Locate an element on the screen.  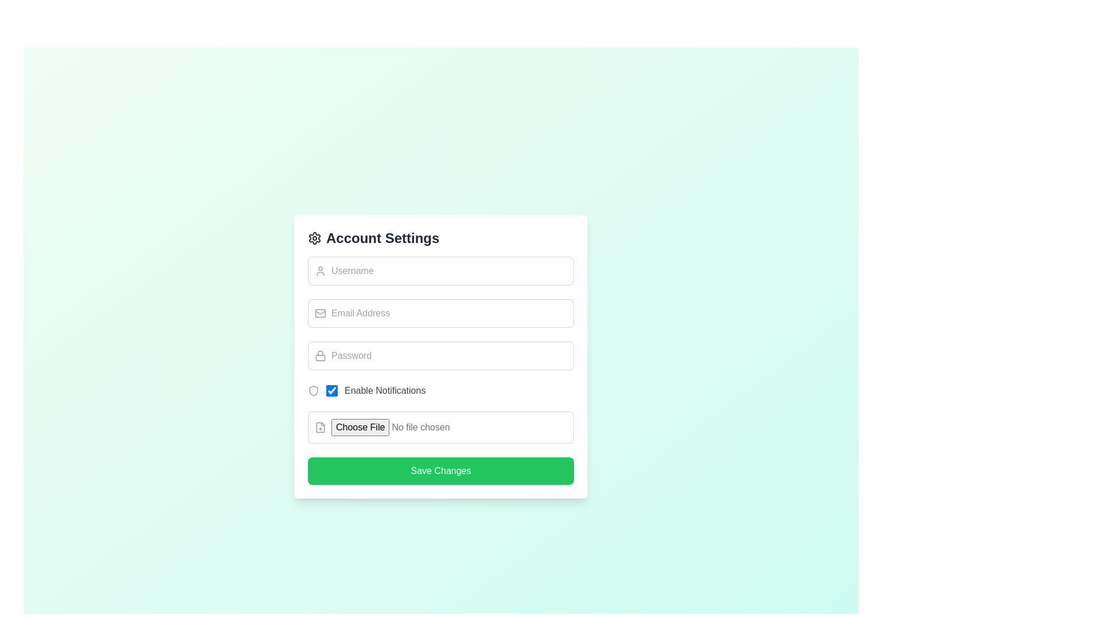
the area surrounding the envelope icon, which serves as an indicator for the email address input field in the Account Settings section is located at coordinates (320, 314).